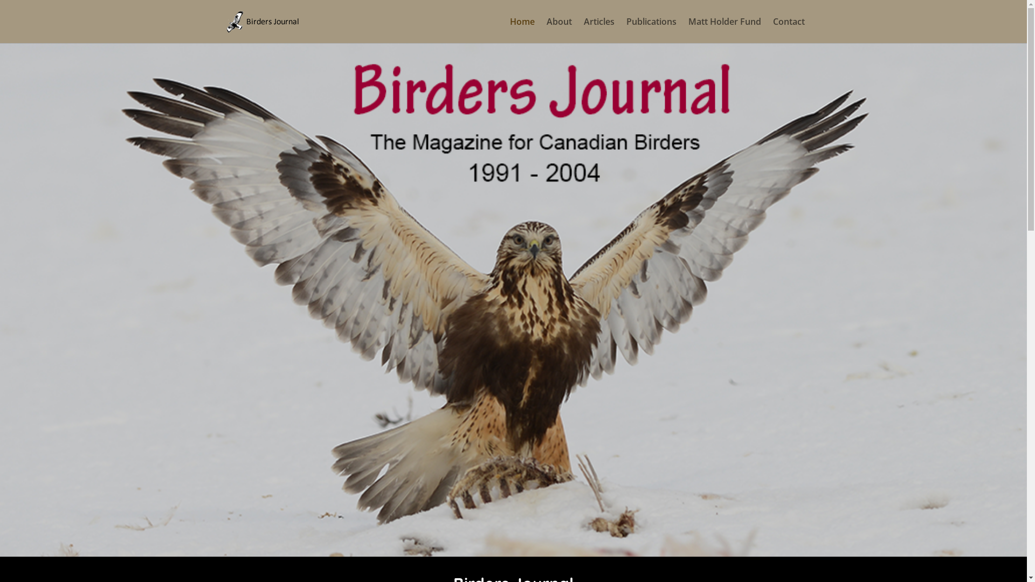  What do you see at coordinates (651, 30) in the screenshot?
I see `'Publications'` at bounding box center [651, 30].